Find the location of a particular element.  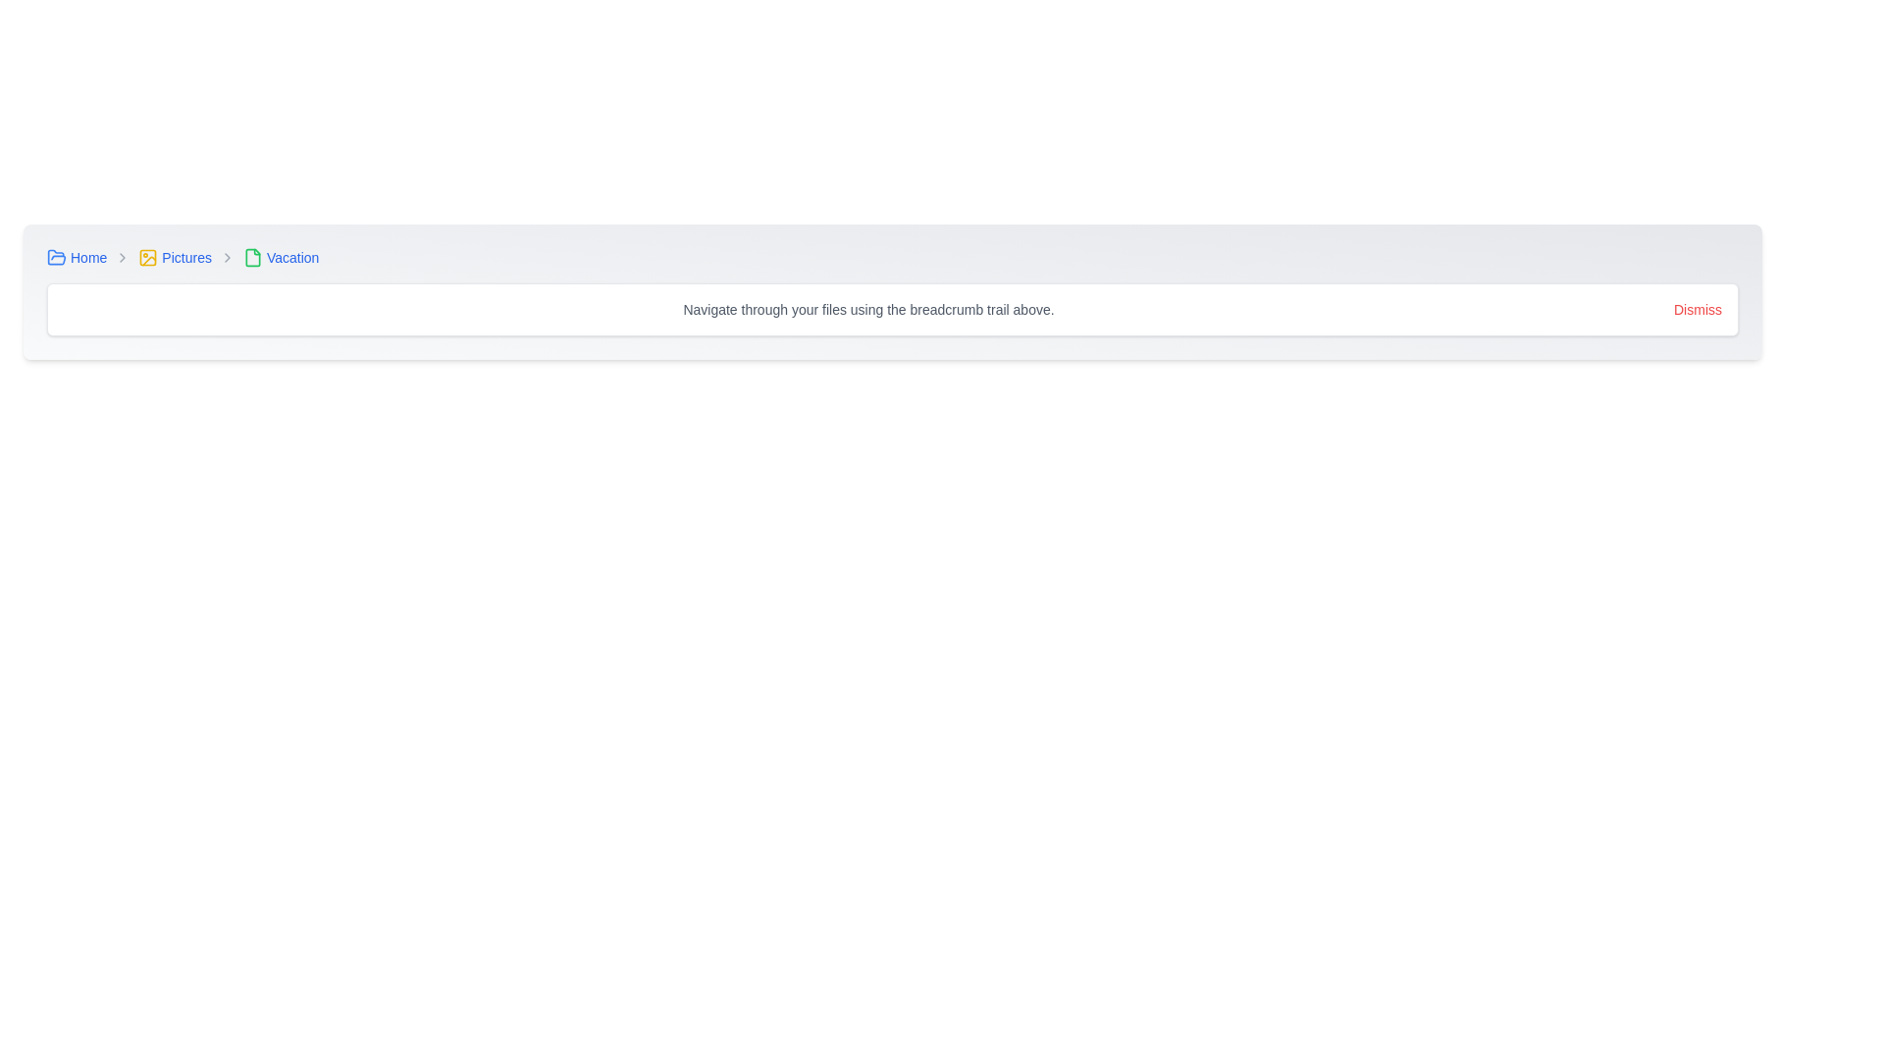

the main text of the notification bar that says 'Navigate through your files using the breadcrumb trail above.' is located at coordinates (892, 309).